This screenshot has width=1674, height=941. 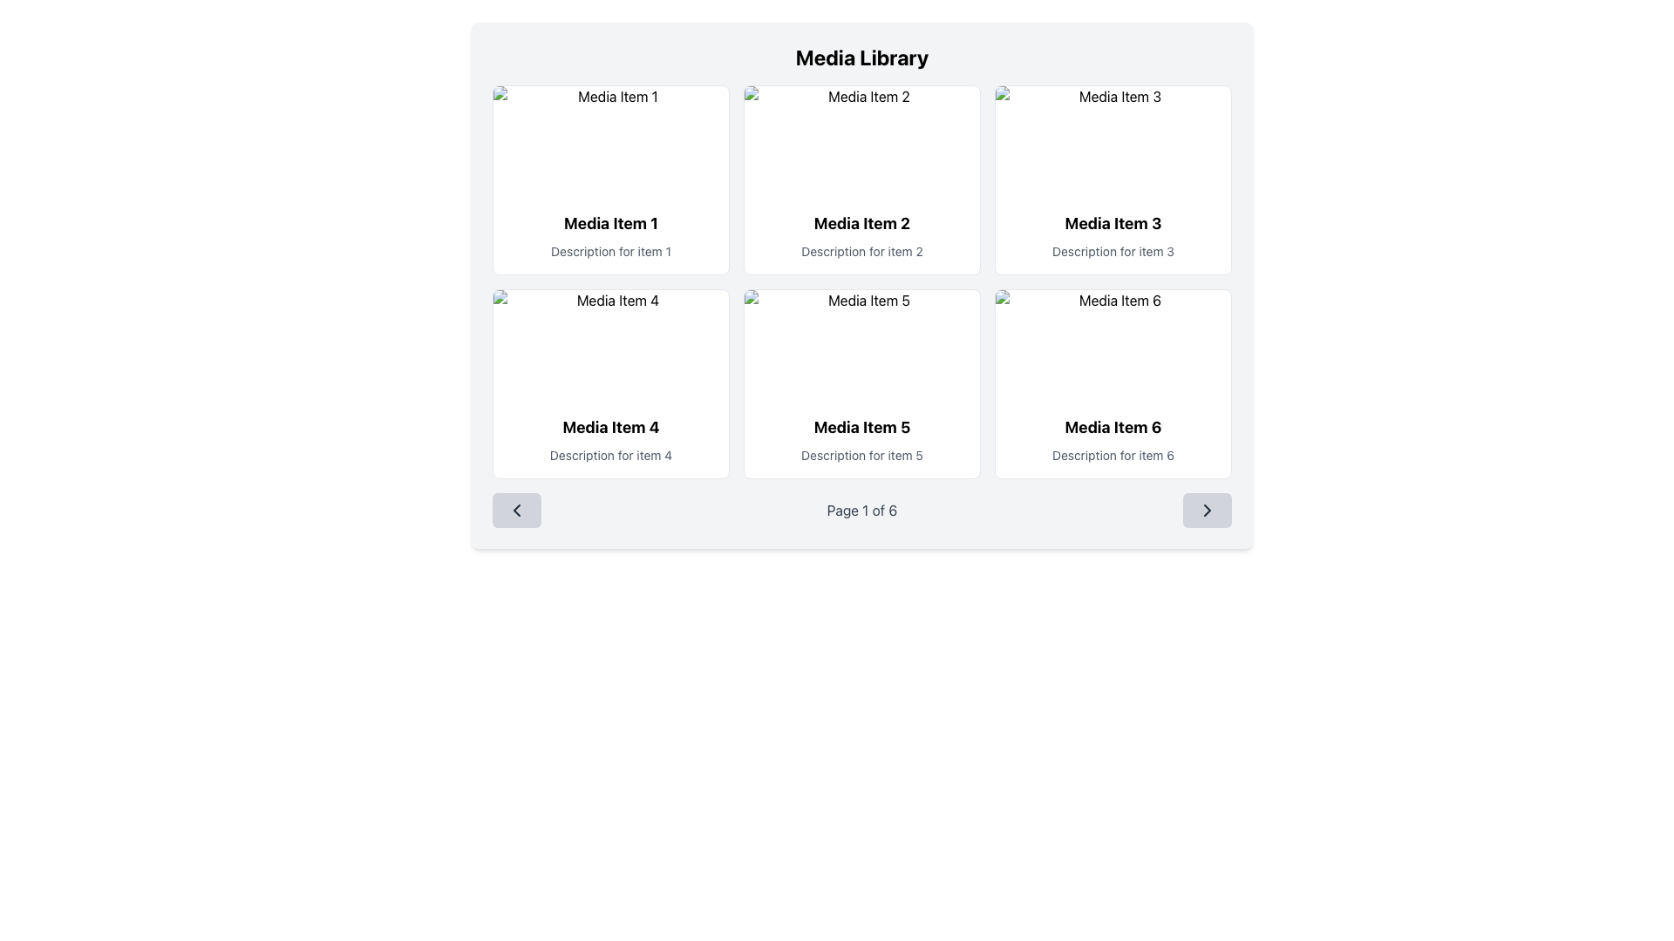 What do you see at coordinates (861, 140) in the screenshot?
I see `the image representing 'Media Item 2' in the card component located in the middle column of the top row in a 3x2 grid layout` at bounding box center [861, 140].